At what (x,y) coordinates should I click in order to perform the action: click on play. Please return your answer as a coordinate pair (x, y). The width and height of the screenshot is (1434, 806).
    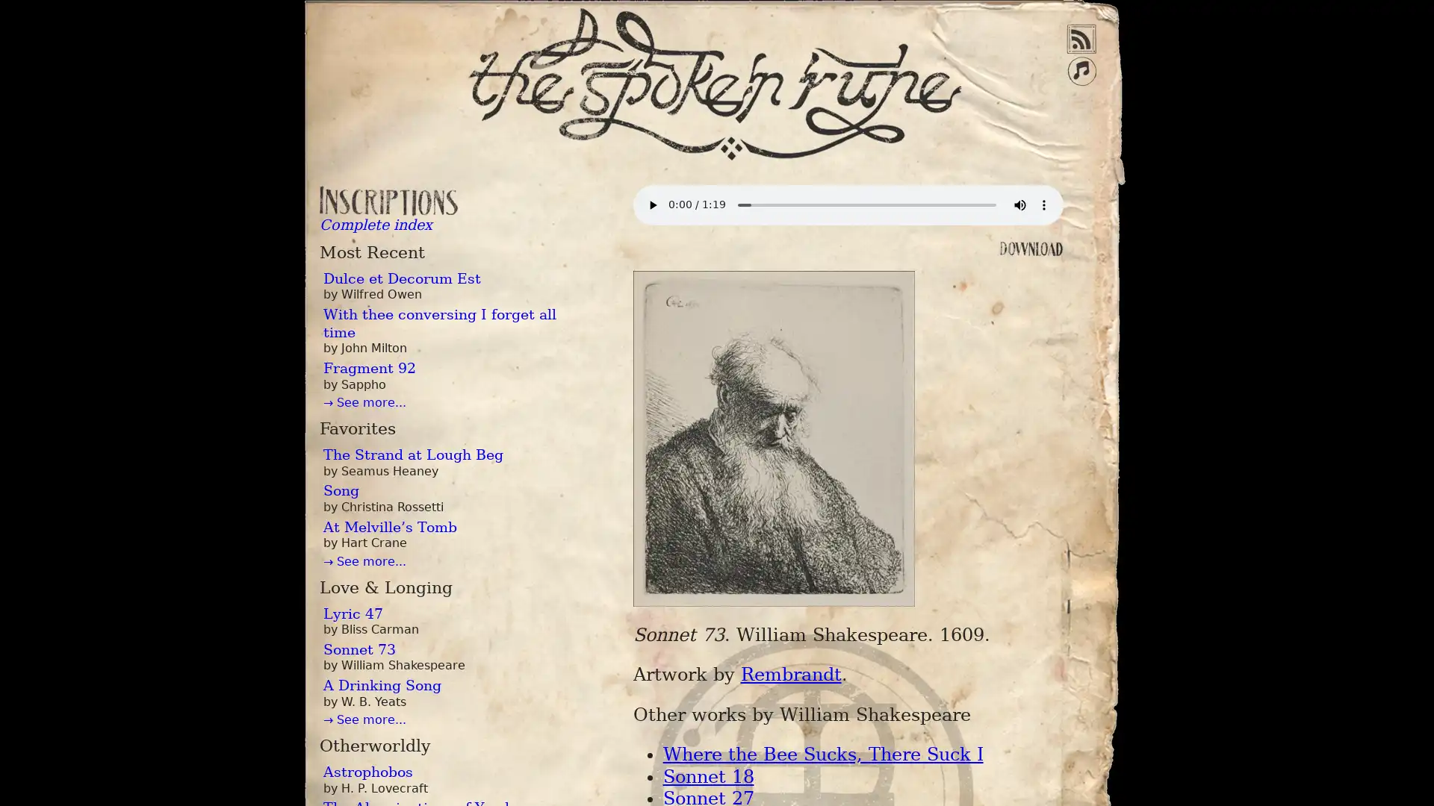
    Looking at the image, I should click on (652, 204).